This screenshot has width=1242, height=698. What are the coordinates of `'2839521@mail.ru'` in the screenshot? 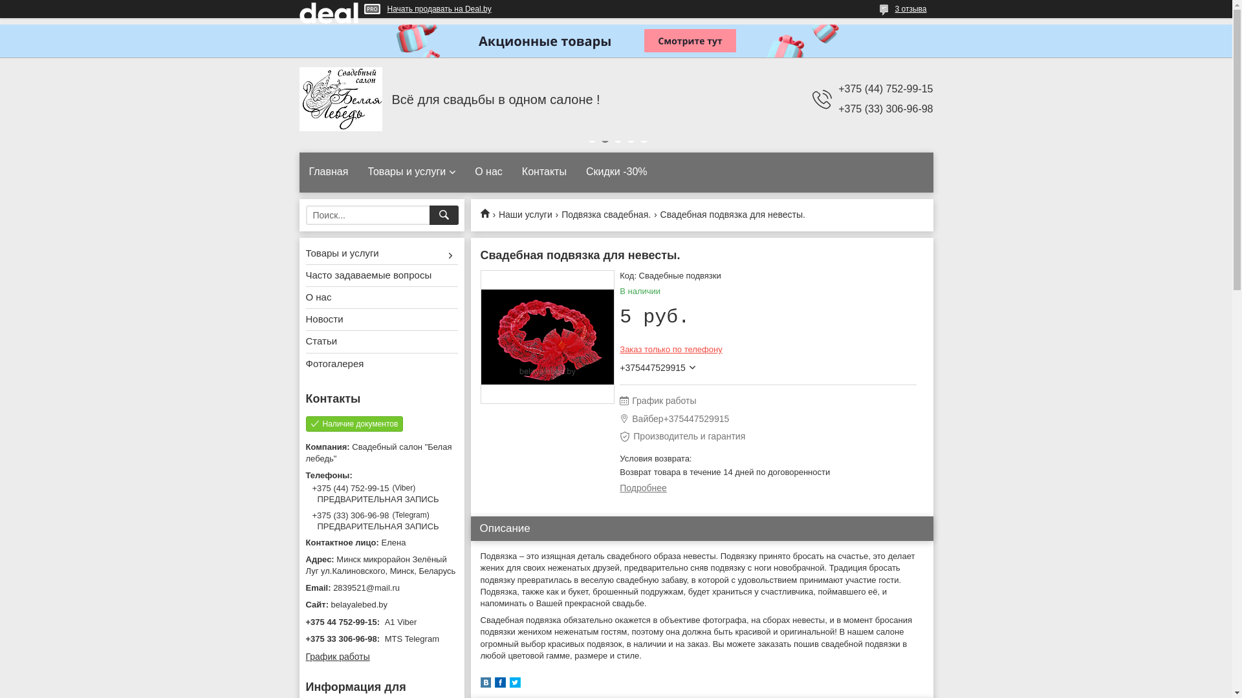 It's located at (380, 588).